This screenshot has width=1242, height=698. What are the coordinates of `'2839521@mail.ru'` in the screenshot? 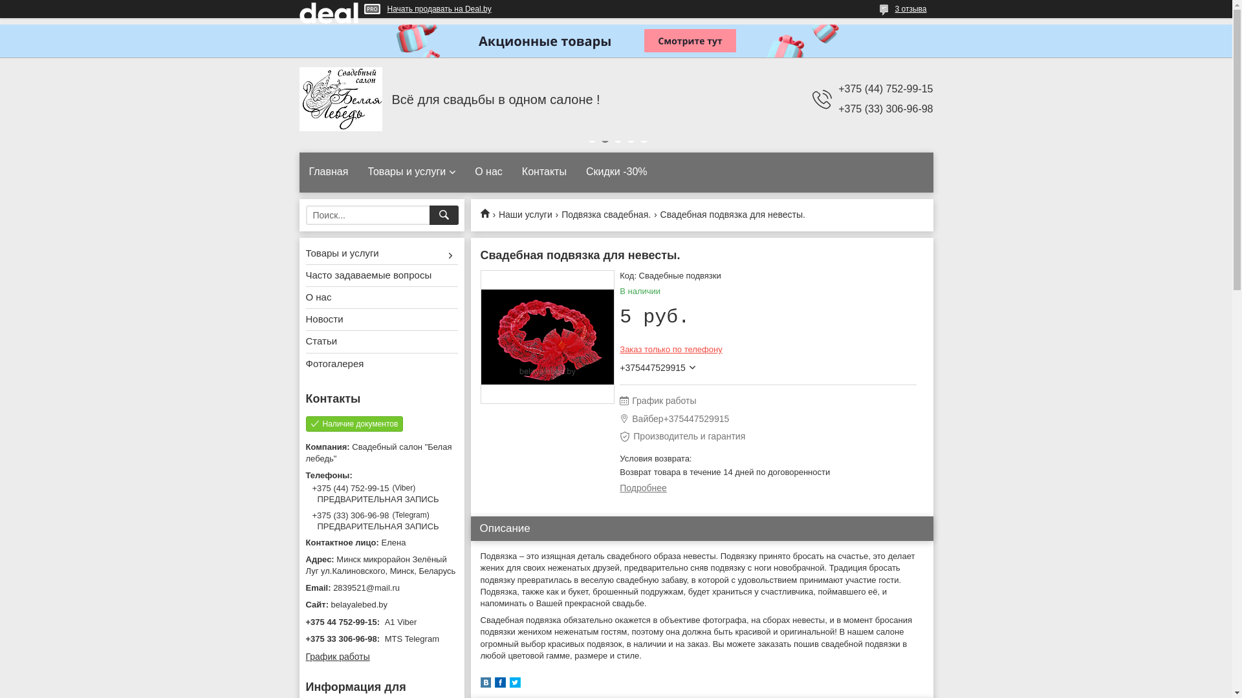 It's located at (380, 588).